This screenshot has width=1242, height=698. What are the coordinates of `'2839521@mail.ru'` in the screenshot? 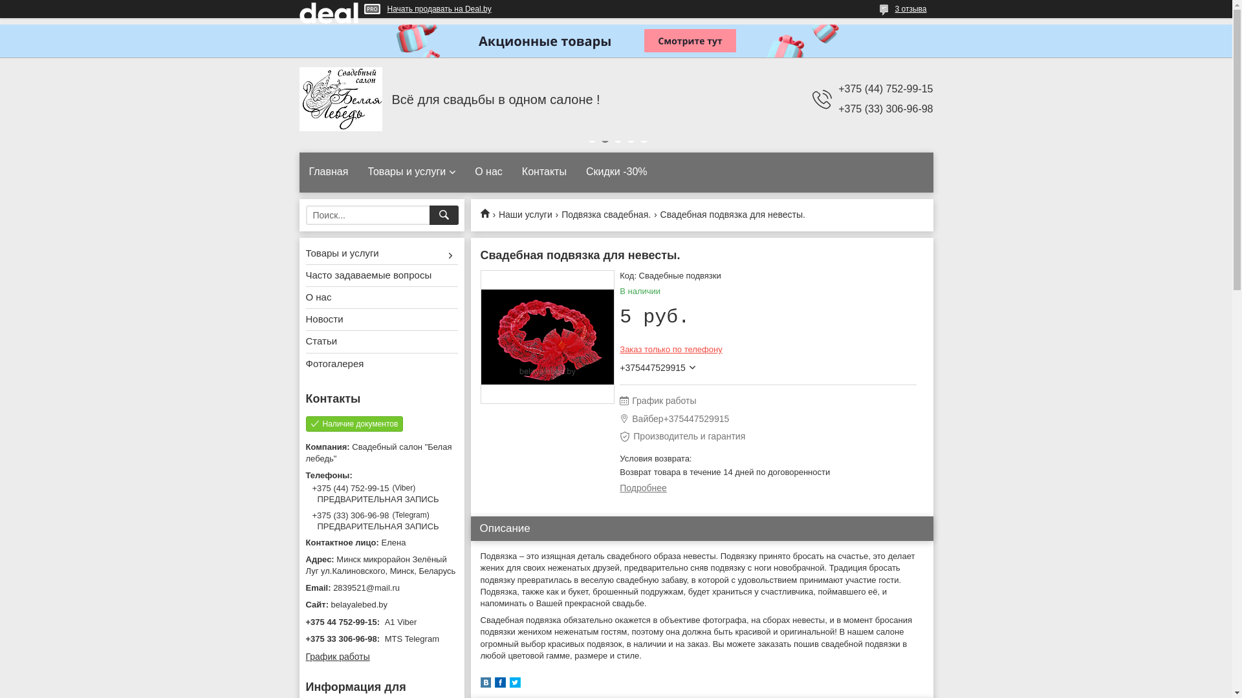 It's located at (380, 588).